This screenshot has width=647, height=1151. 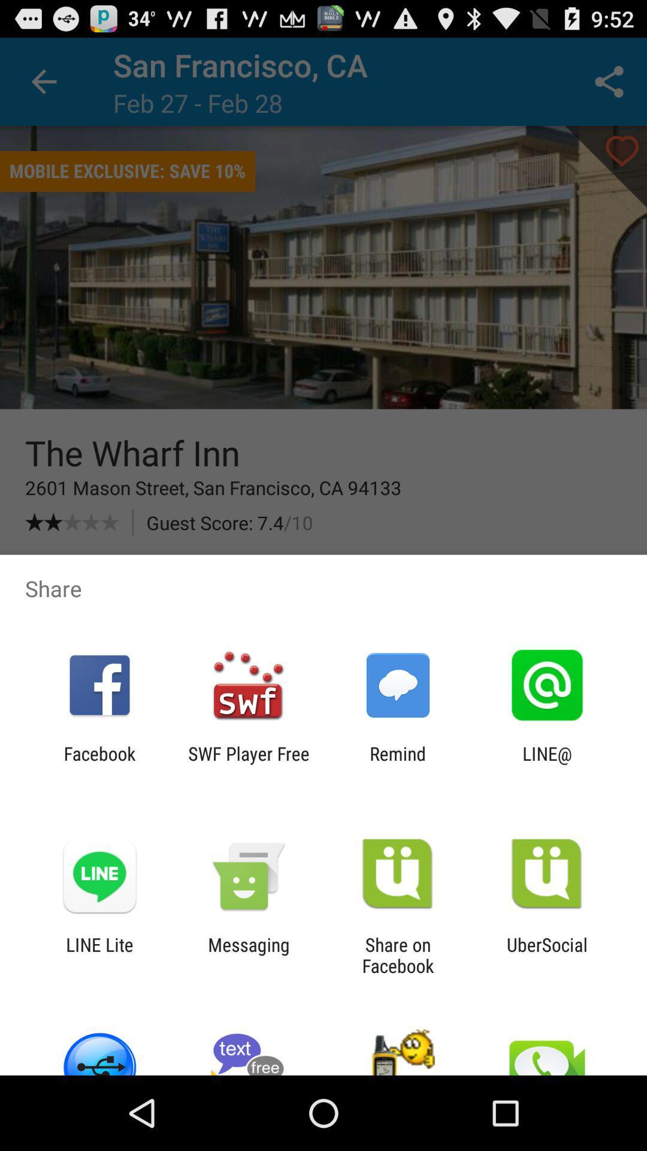 What do you see at coordinates (248, 954) in the screenshot?
I see `messaging` at bounding box center [248, 954].